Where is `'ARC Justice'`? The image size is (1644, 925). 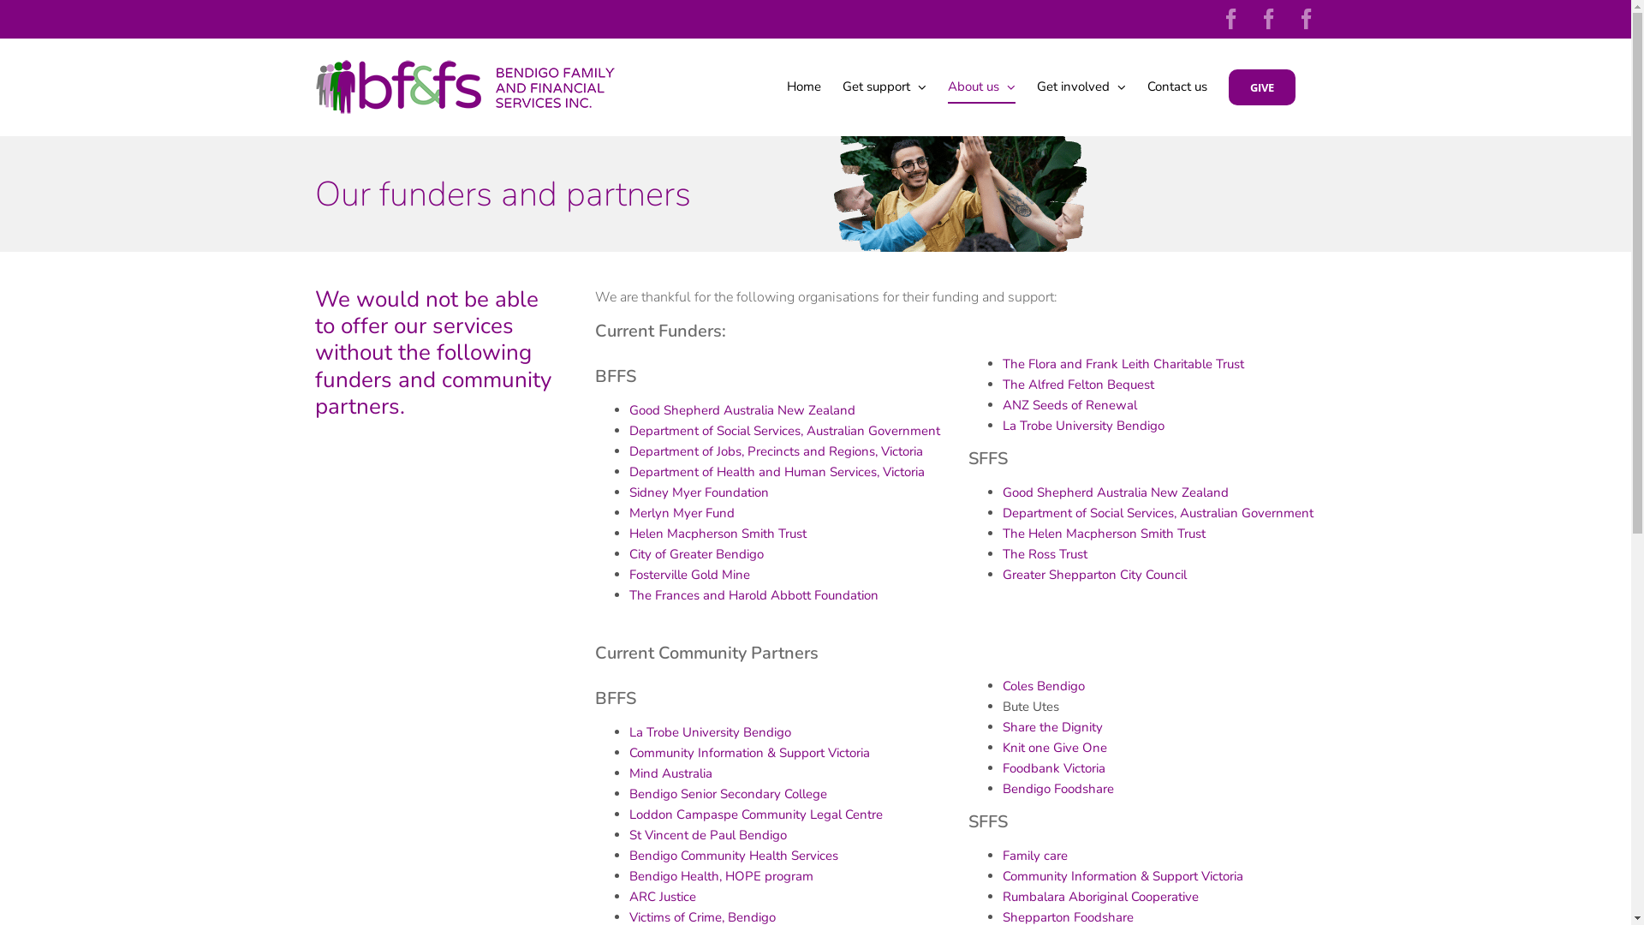
'ARC Justice' is located at coordinates (661, 895).